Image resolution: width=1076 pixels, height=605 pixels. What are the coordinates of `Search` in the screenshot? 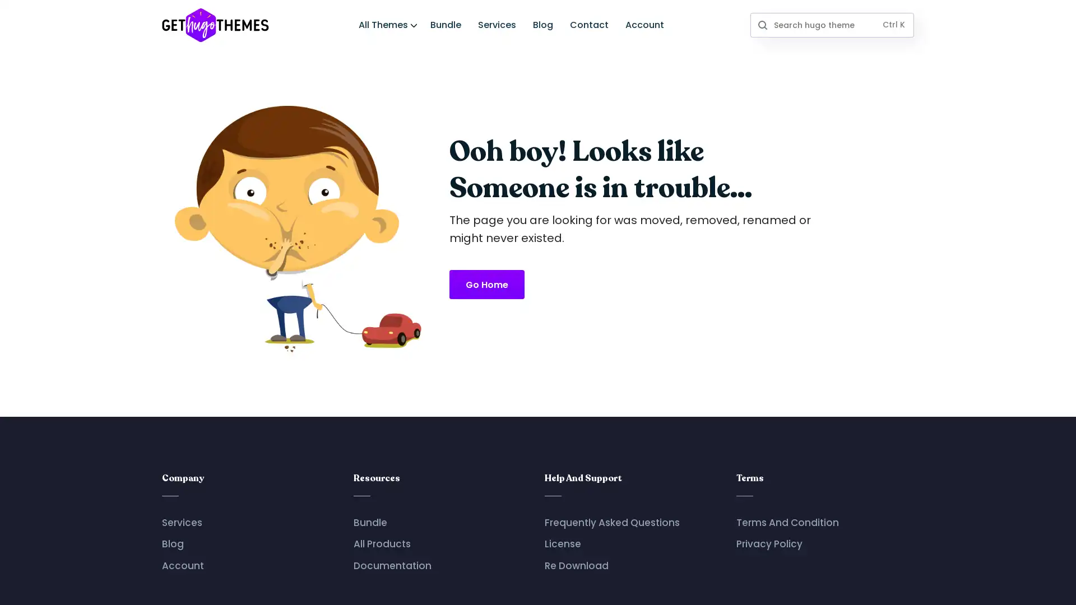 It's located at (762, 24).